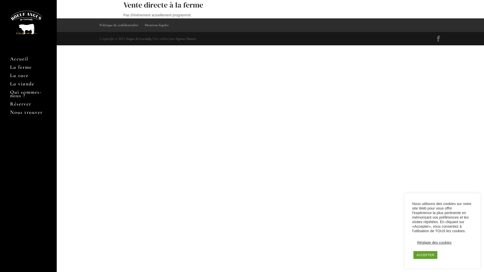  I want to click on 'La race', so click(33, 78).